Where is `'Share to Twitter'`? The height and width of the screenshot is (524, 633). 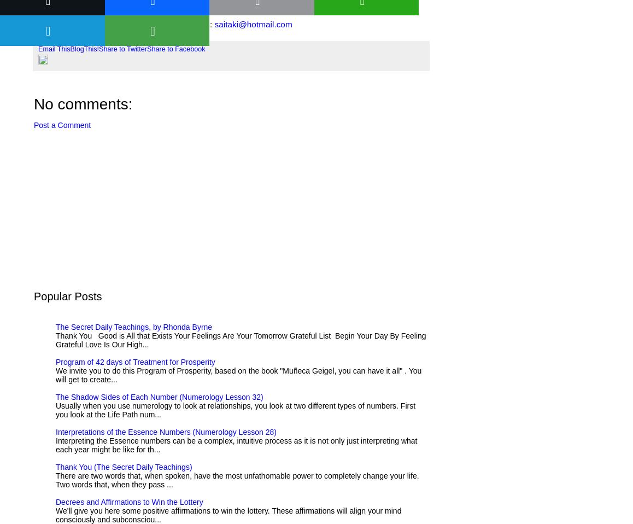 'Share to Twitter' is located at coordinates (122, 49).